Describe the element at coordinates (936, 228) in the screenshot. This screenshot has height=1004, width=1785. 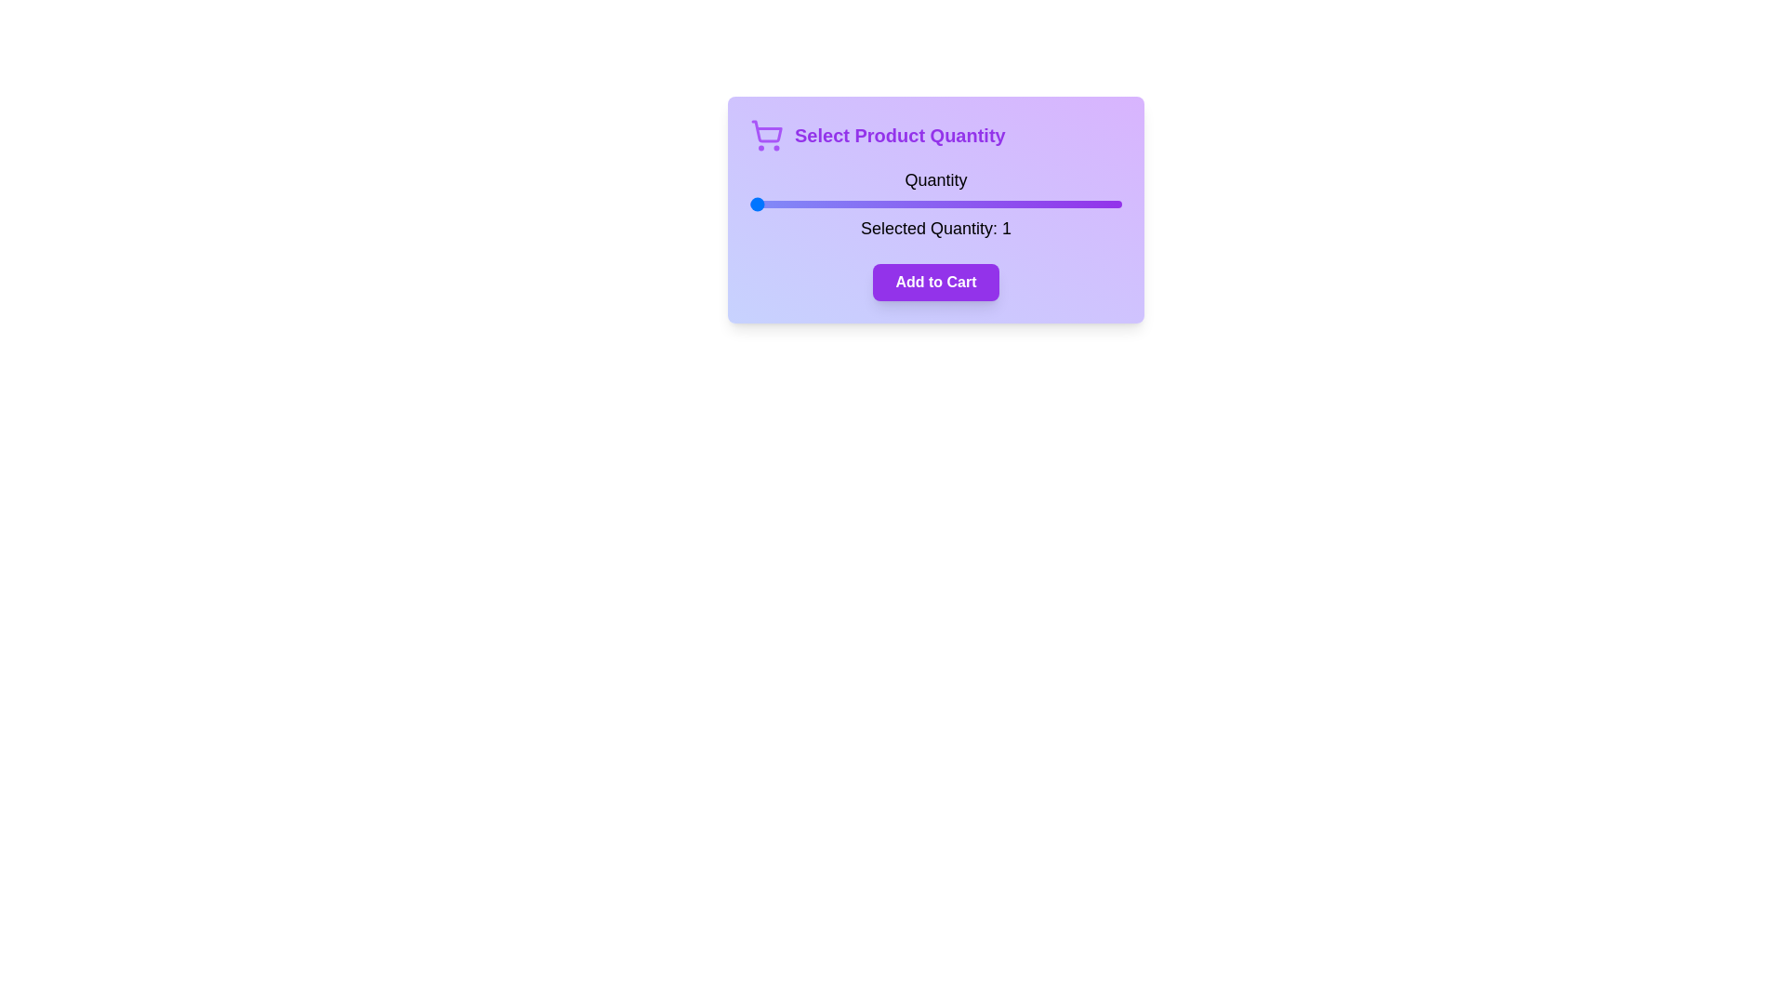
I see `the text displaying the selected quantity` at that location.